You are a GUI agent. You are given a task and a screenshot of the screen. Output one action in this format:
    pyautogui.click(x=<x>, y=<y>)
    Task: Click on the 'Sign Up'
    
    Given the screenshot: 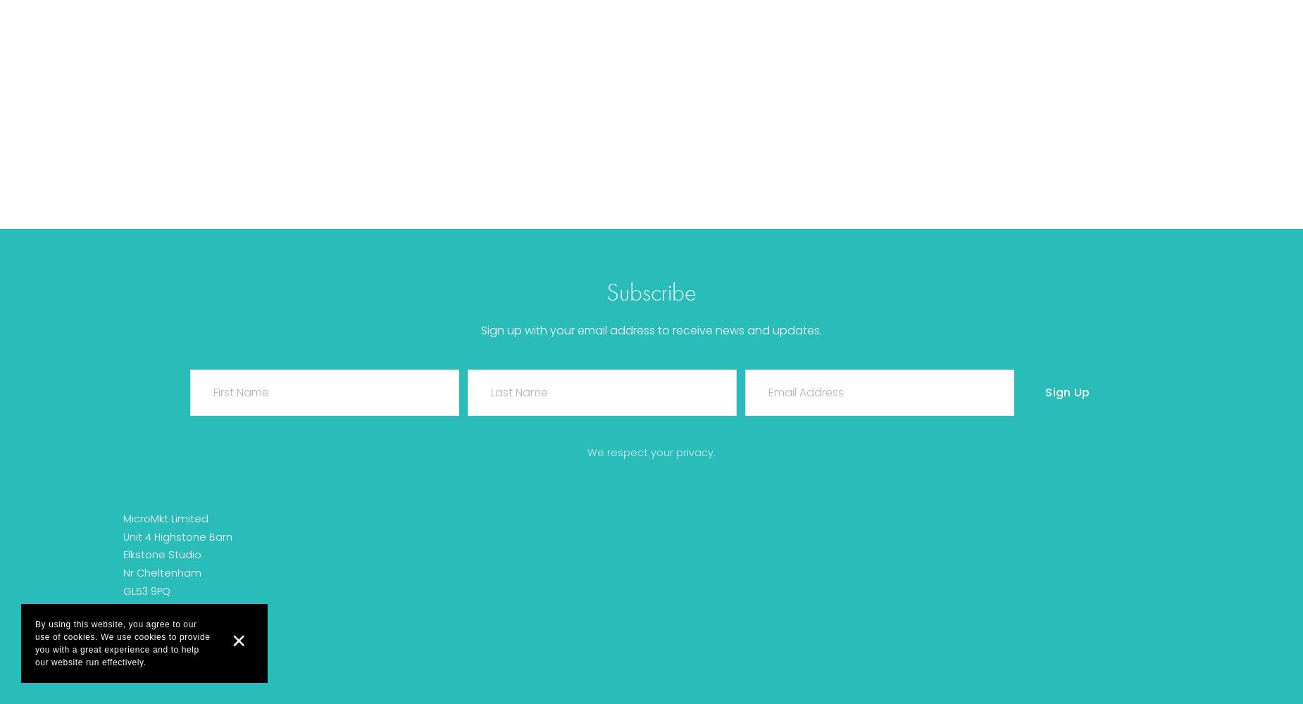 What is the action you would take?
    pyautogui.click(x=1067, y=392)
    